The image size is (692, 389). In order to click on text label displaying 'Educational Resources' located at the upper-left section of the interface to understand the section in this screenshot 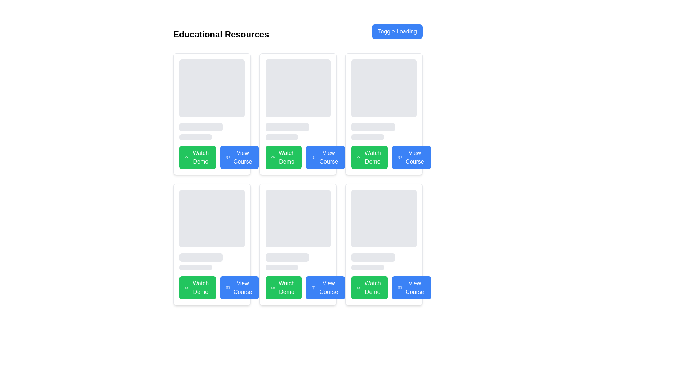, I will do `click(221, 35)`.